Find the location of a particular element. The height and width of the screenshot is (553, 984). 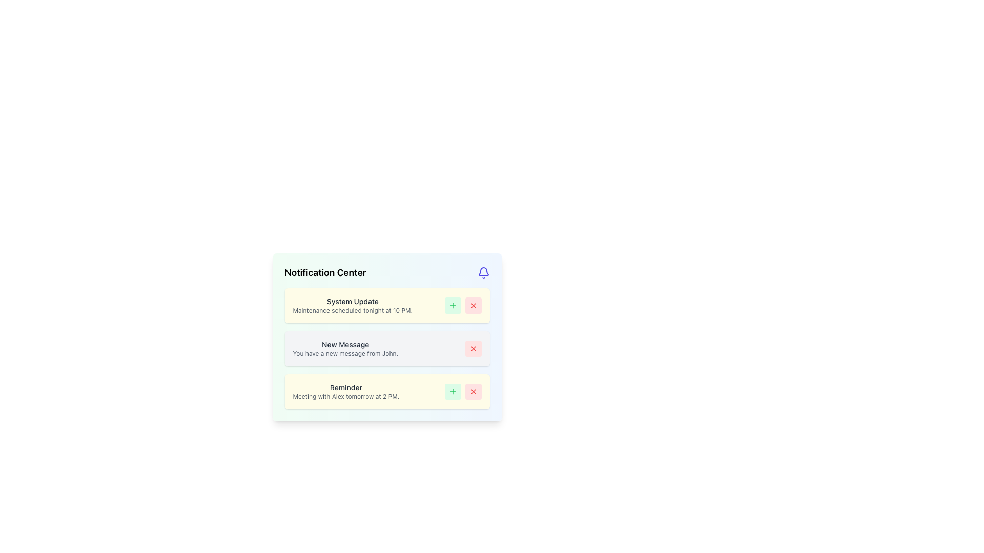

the 'New Message' text label in the Notification Center, which is displayed in dark gray within a light-colored background, positioned prominently in the second notification item is located at coordinates (345, 344).